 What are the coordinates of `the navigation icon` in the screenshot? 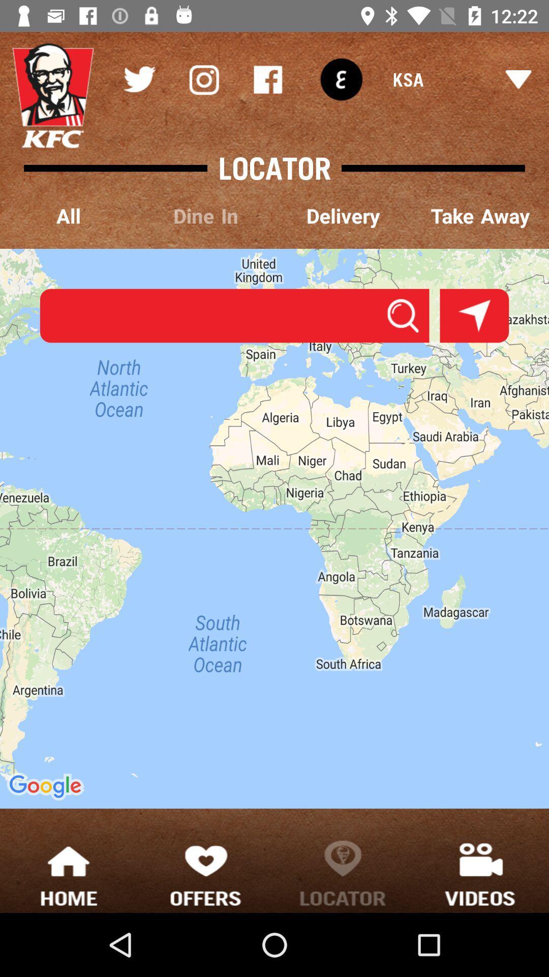 It's located at (474, 315).